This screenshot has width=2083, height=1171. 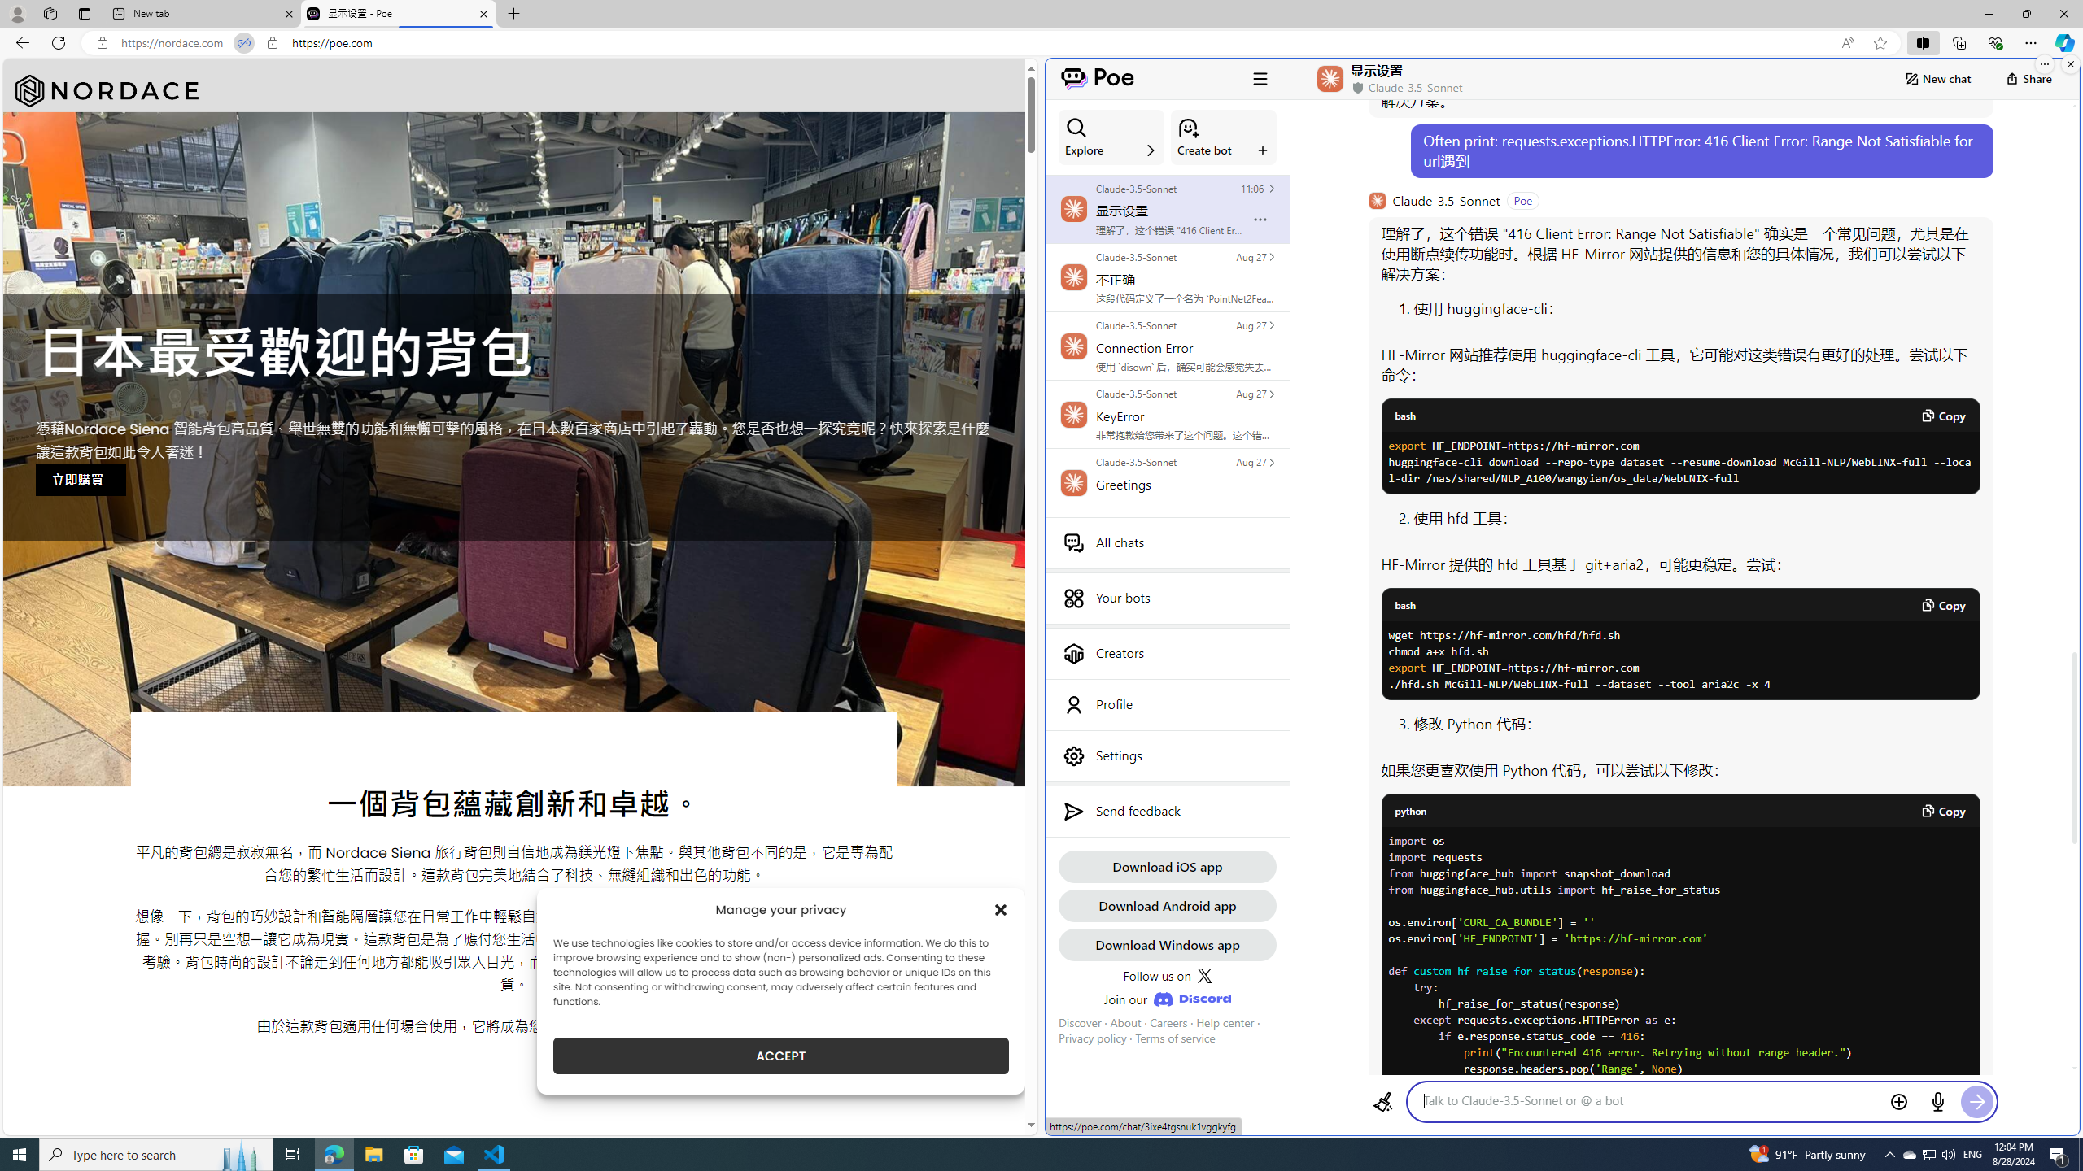 What do you see at coordinates (2063, 13) in the screenshot?
I see `'Close'` at bounding box center [2063, 13].